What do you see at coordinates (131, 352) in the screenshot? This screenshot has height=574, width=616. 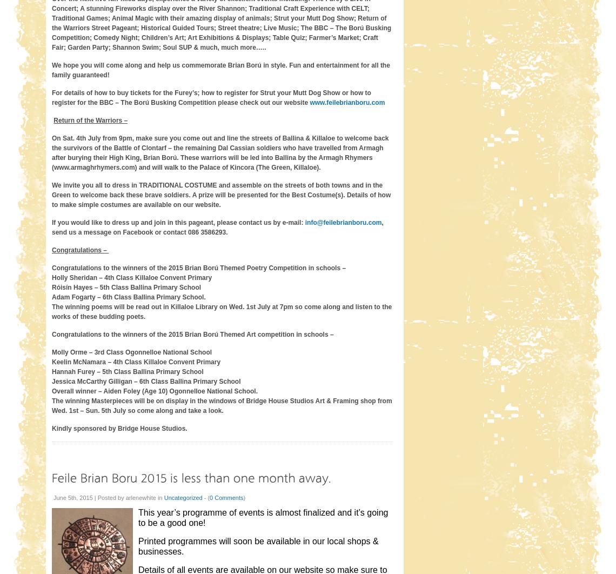 I see `'Molly Orme – 3rd Class Ogonnelloe National School'` at bounding box center [131, 352].